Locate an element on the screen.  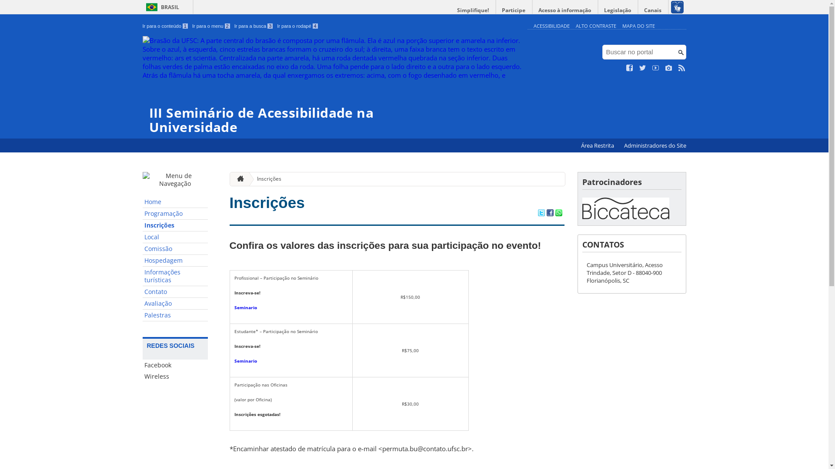
'Facebook' is located at coordinates (175, 365).